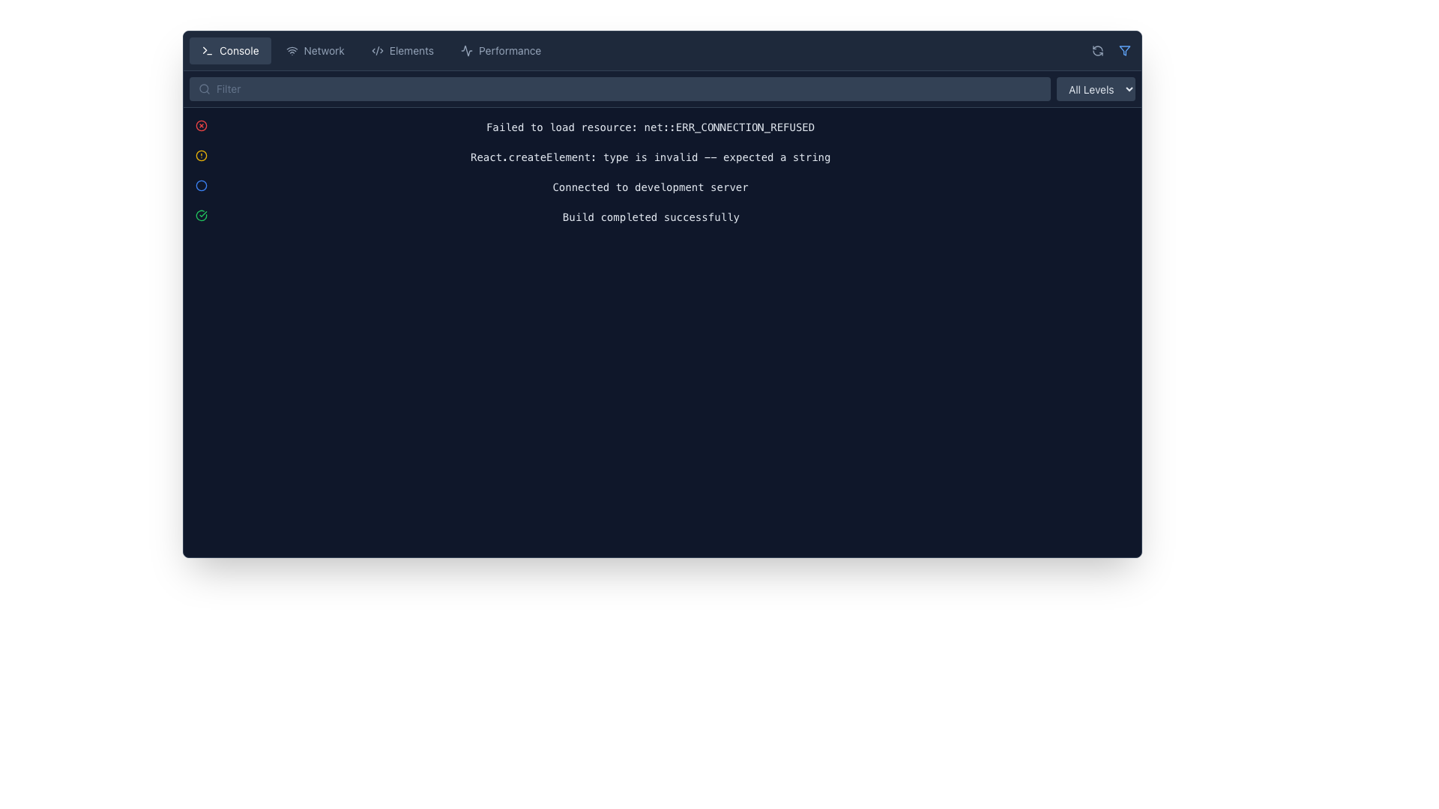 The height and width of the screenshot is (809, 1439). I want to click on the 'Console' tab in the navigation bar, so click(661, 50).